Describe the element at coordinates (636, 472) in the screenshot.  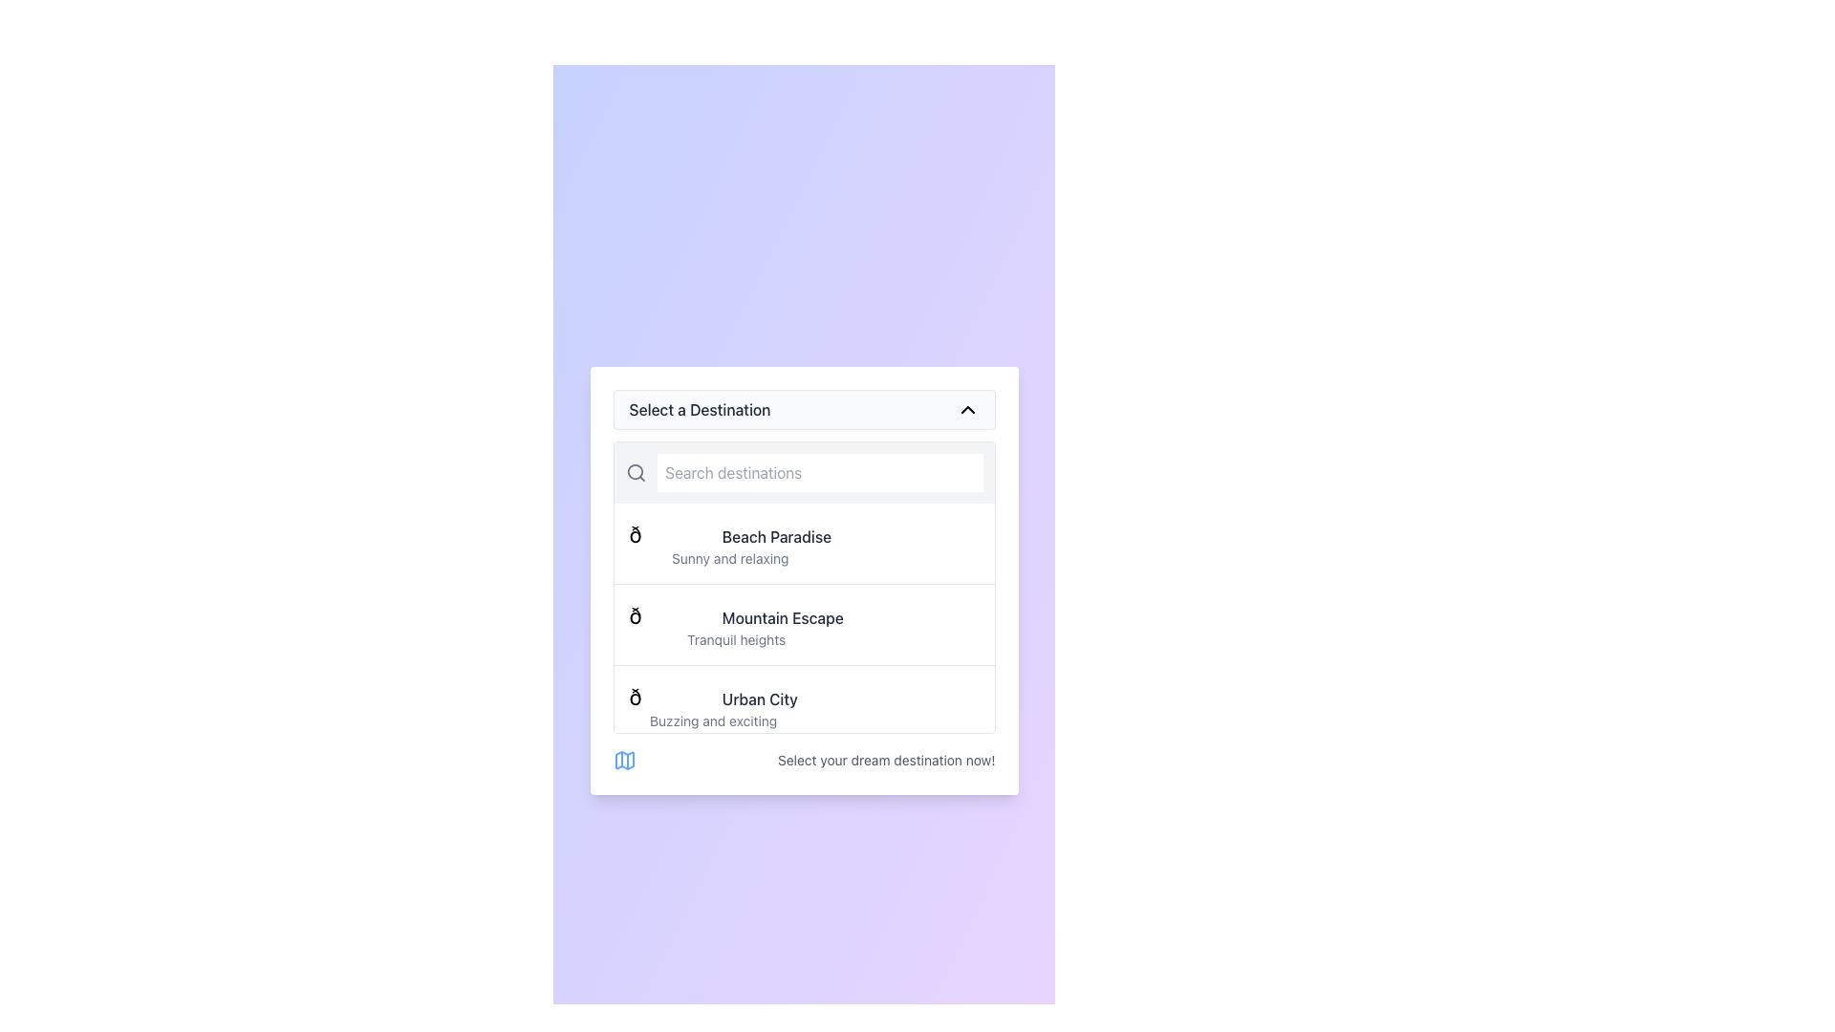
I see `the magnifying glass icon, which is styled with a gray outline and positioned at the far left of a horizontal layout containing a text input field` at that location.